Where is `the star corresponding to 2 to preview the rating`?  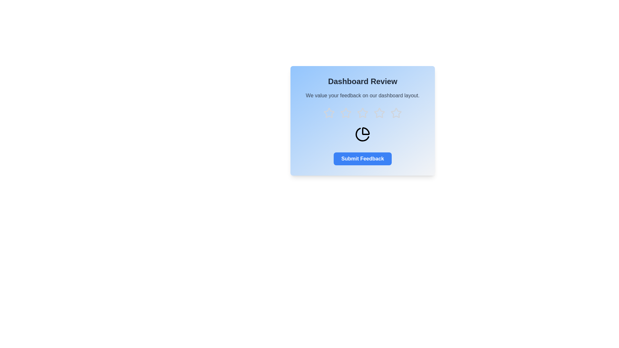
the star corresponding to 2 to preview the rating is located at coordinates (346, 113).